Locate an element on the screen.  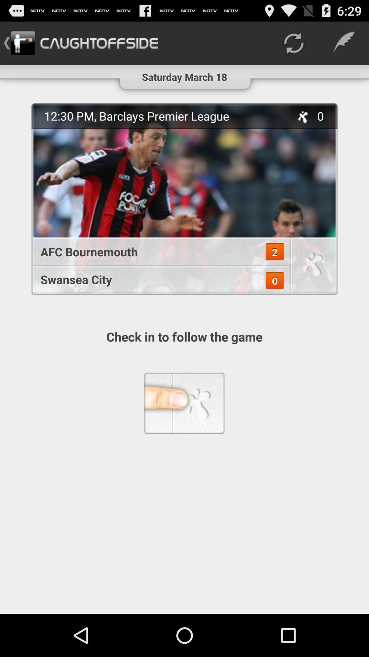
the app above the check in to item is located at coordinates (157, 279).